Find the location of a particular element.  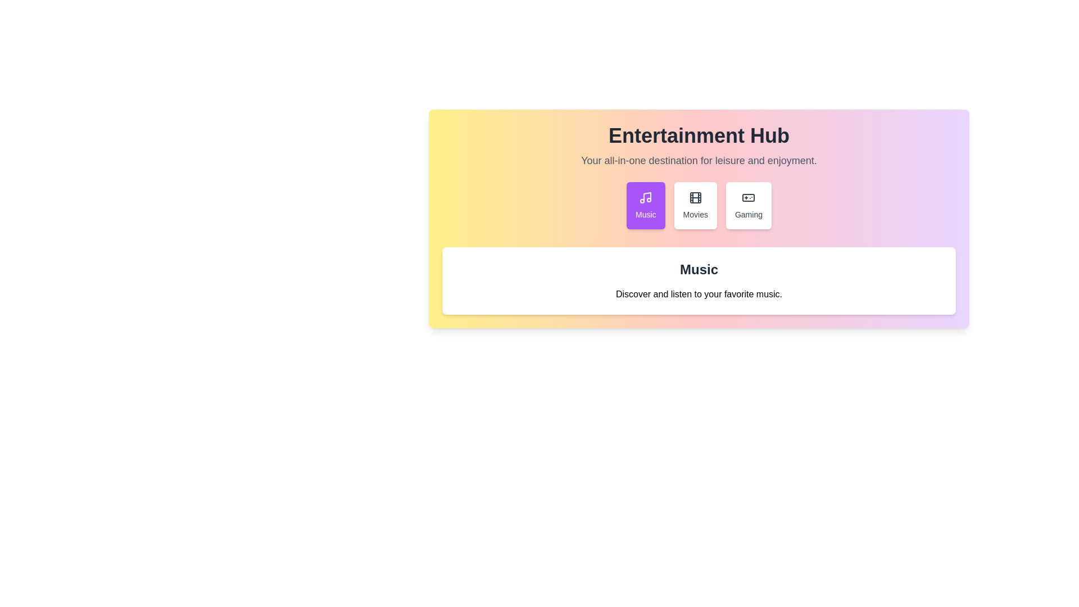

the text label indicating 'Gaming' on the third card in the group of three cards, which includes 'Music,' 'Movies,' and 'Gaming.' is located at coordinates (749, 214).